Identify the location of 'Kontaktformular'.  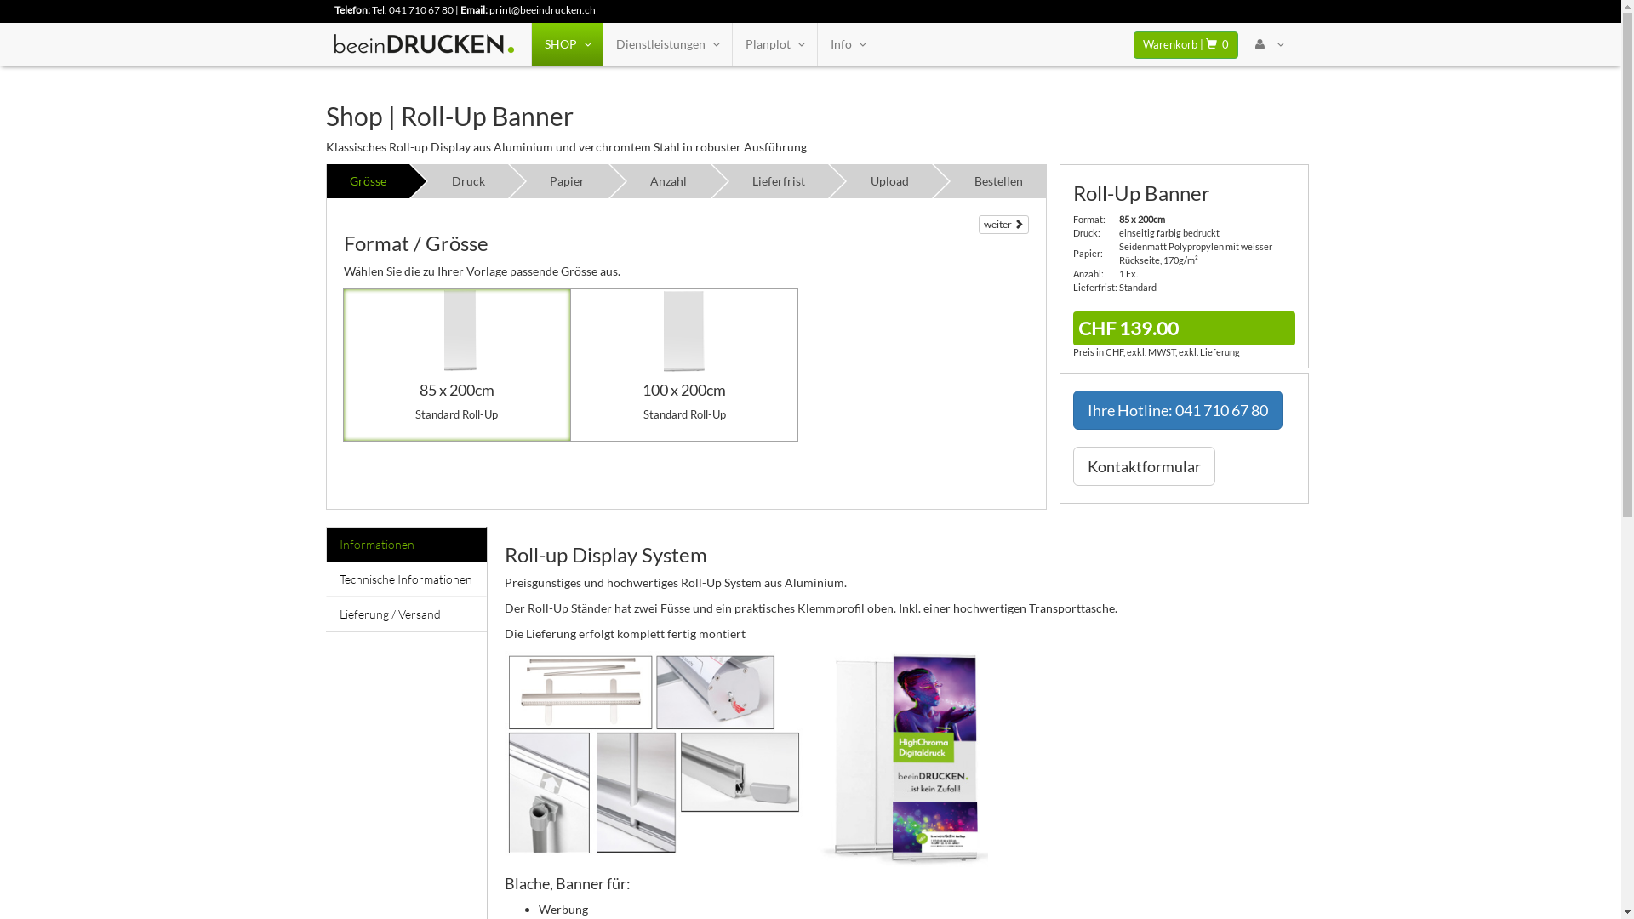
(1072, 465).